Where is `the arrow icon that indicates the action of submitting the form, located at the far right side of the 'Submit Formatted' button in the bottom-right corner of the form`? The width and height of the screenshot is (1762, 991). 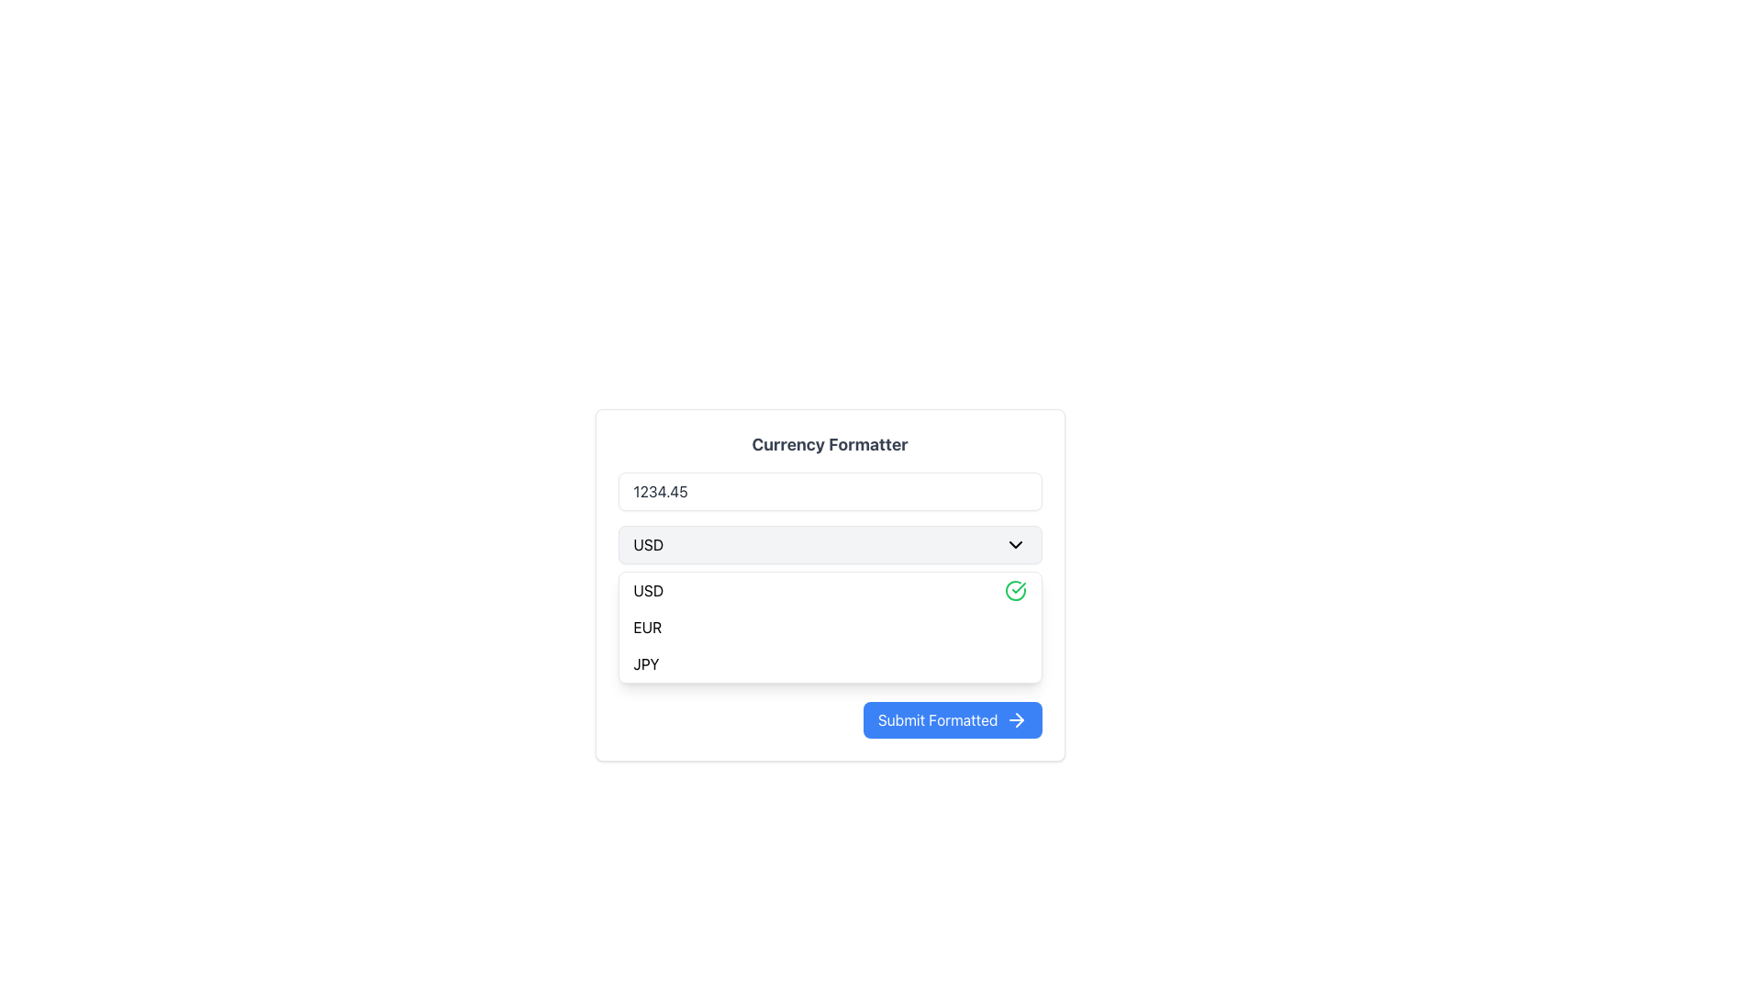 the arrow icon that indicates the action of submitting the form, located at the far right side of the 'Submit Formatted' button in the bottom-right corner of the form is located at coordinates (1015, 719).